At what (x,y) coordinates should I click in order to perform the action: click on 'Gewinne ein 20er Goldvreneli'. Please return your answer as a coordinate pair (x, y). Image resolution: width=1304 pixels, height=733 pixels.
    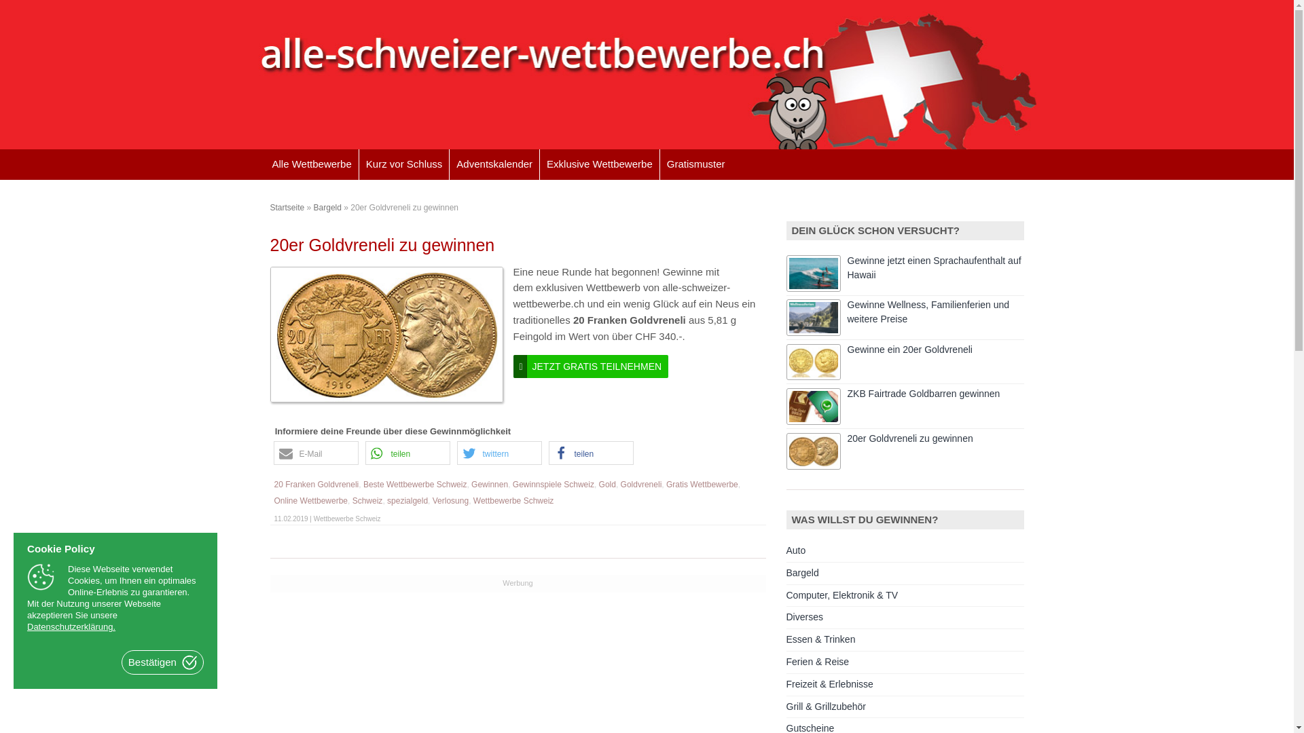
    Looking at the image, I should click on (909, 349).